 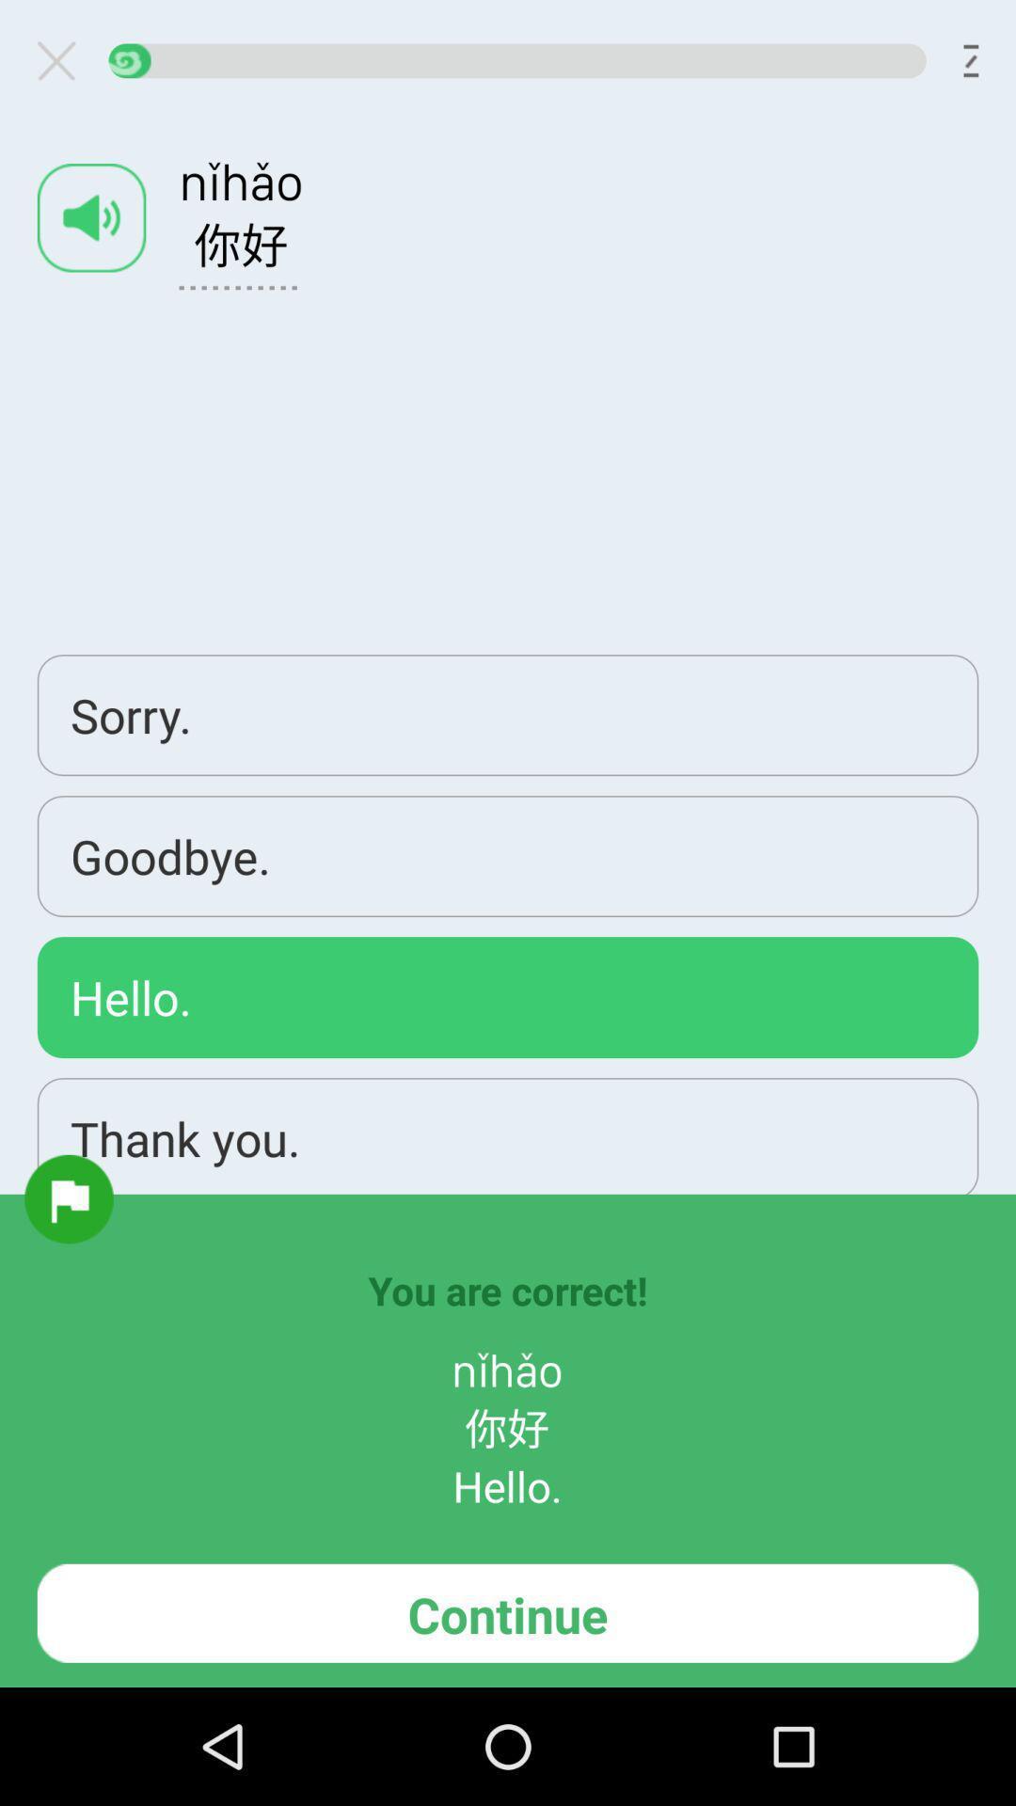 I want to click on continue icon, so click(x=508, y=1612).